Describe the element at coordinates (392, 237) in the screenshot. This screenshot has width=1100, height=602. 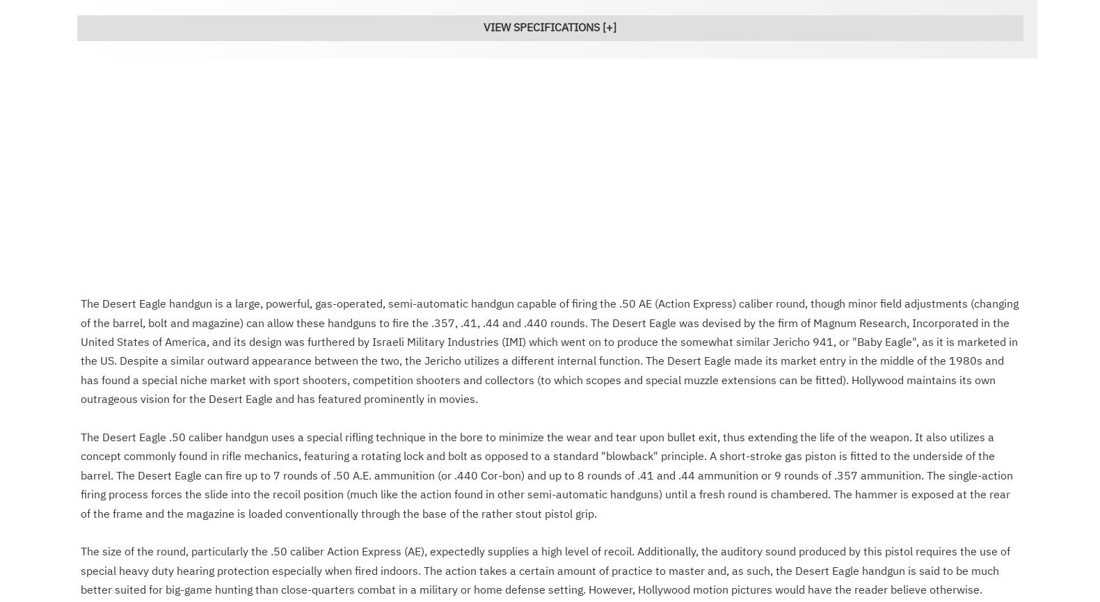
I see `'WW2 Small Arms'` at that location.